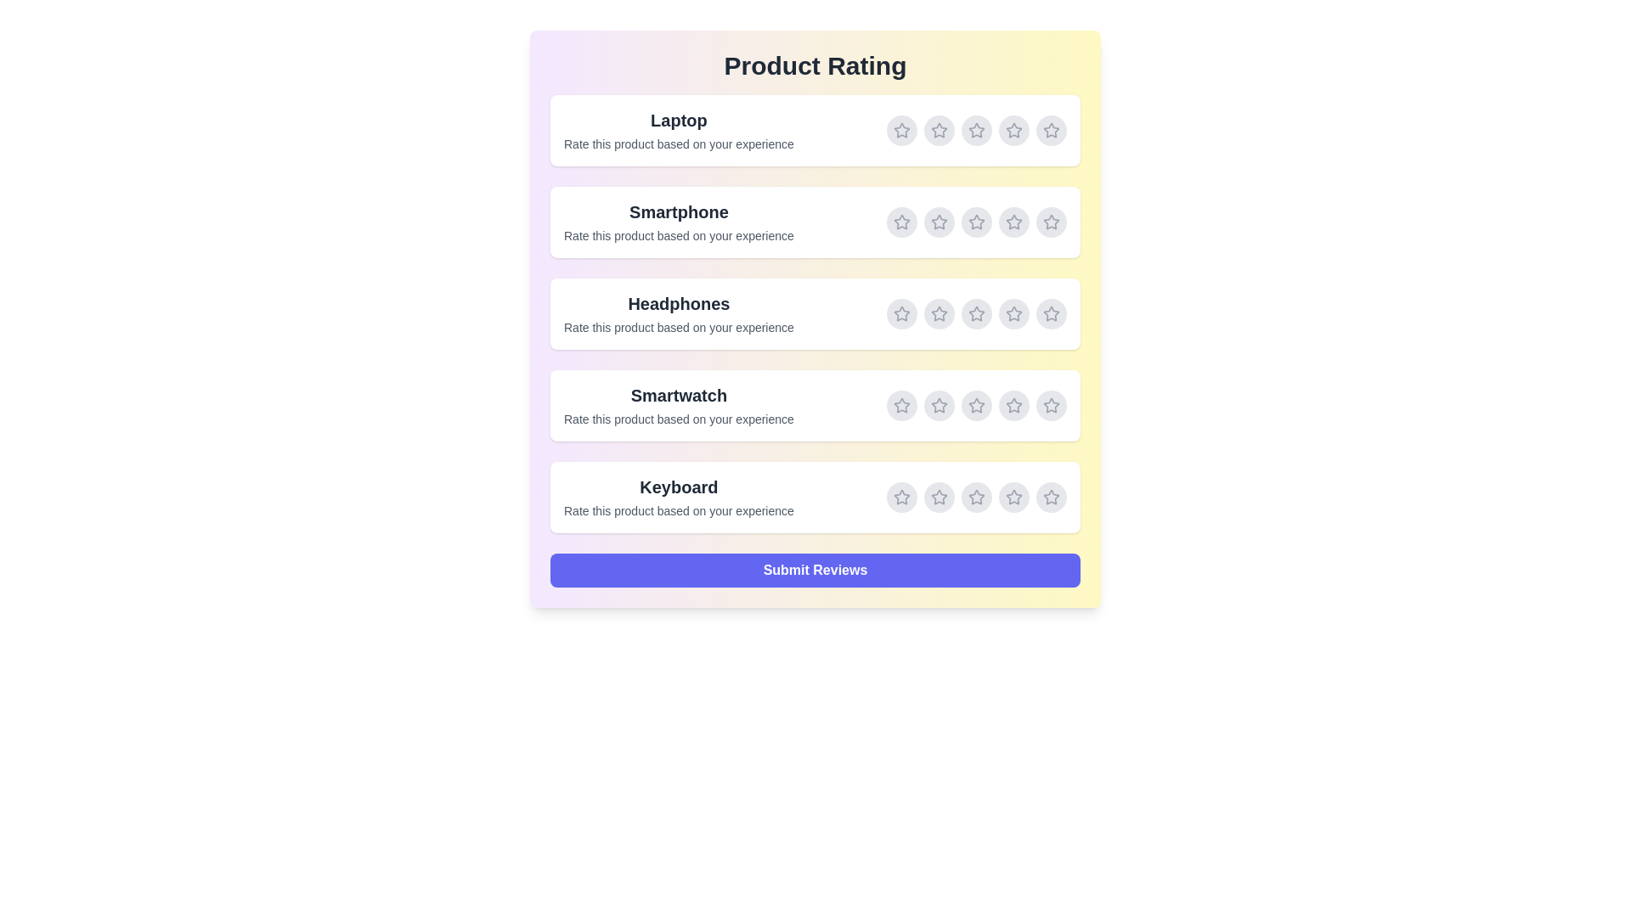  What do you see at coordinates (938, 497) in the screenshot?
I see `the rating for Keyboard to 2 stars` at bounding box center [938, 497].